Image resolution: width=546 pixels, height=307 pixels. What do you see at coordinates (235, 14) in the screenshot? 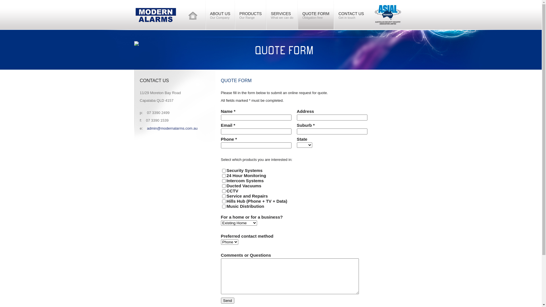
I see `'PRODUCTS` at bounding box center [235, 14].